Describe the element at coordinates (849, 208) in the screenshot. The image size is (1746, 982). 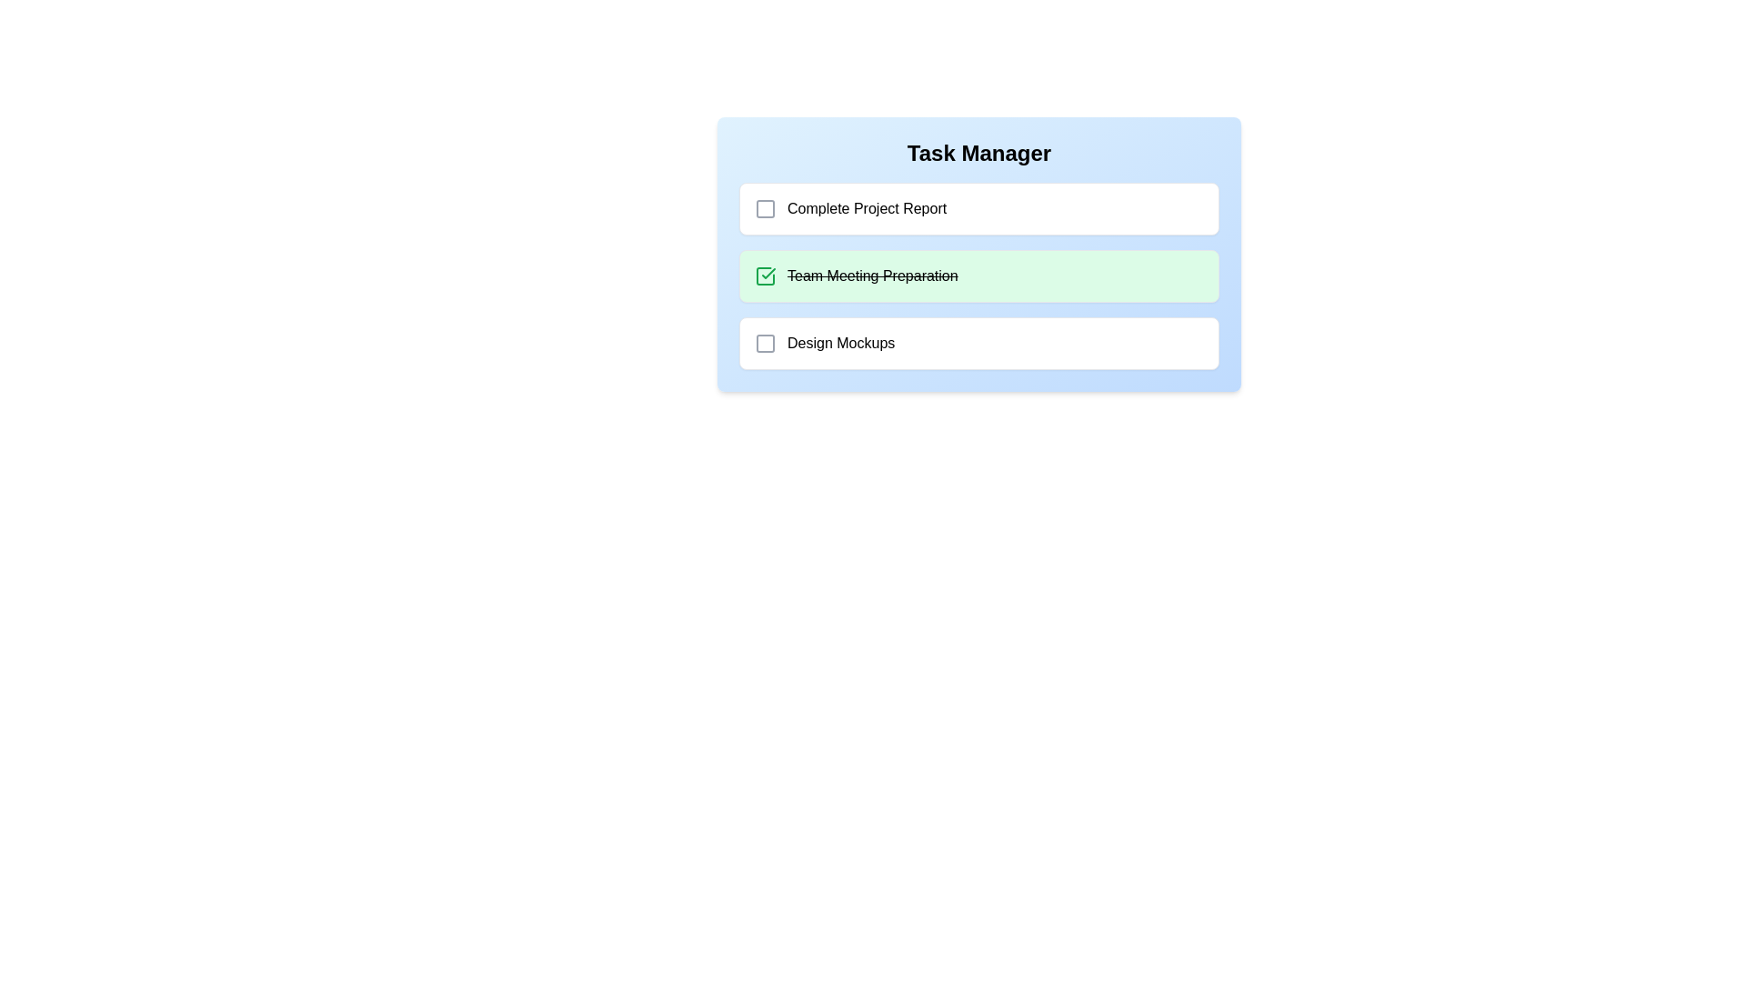
I see `text element that displays 'Complete Project Report', which is accompanied by a square icon with a gray outline on its left side, located at the topmost task item in the task manager interface` at that location.